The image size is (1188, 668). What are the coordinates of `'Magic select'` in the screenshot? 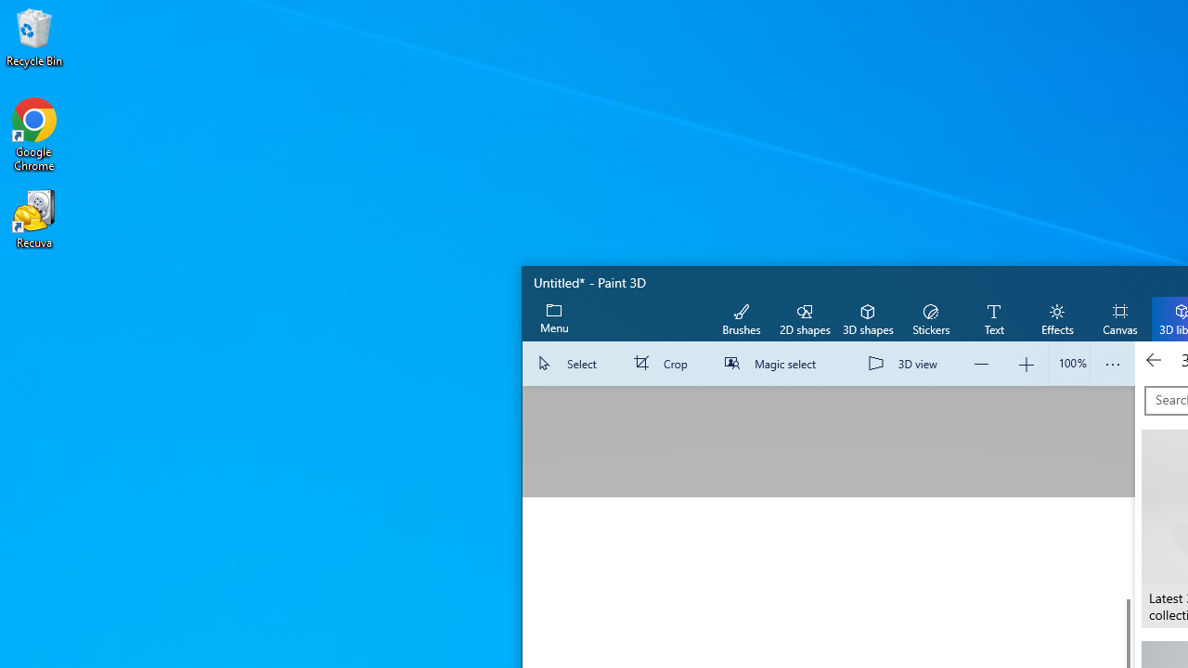 It's located at (773, 364).